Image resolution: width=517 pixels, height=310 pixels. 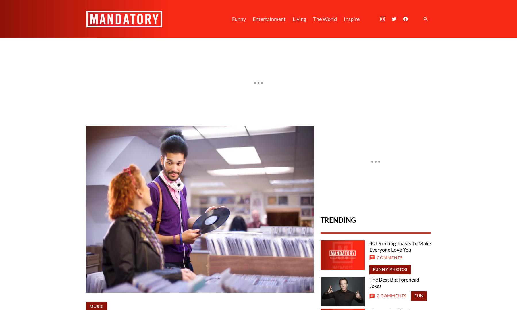 I want to click on '7 Of The Craziest Things To Happen To Already Outrageous Musicians Onstage', so click(x=207, y=99).